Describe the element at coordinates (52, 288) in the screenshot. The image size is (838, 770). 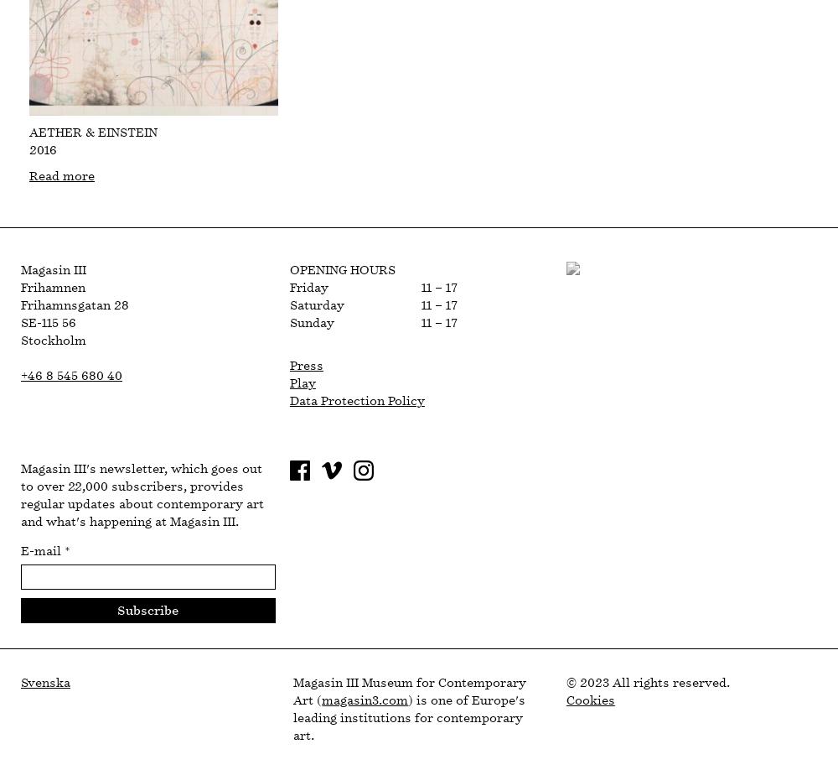
I see `'Frihamnen'` at that location.